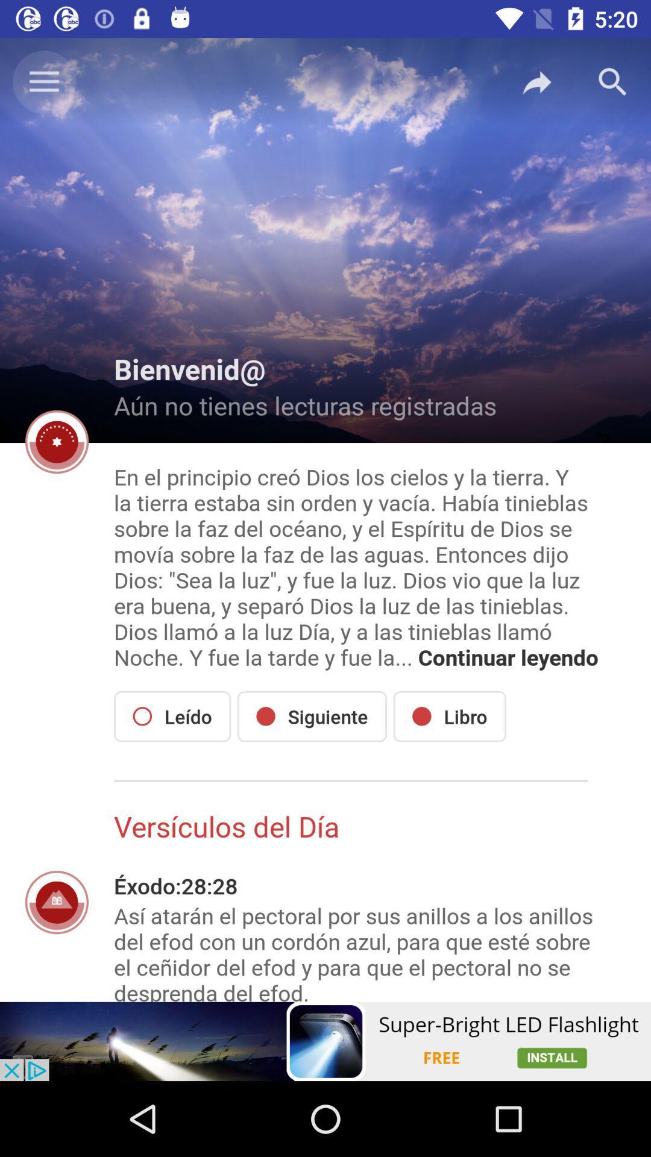  I want to click on siguiente icon, so click(311, 716).